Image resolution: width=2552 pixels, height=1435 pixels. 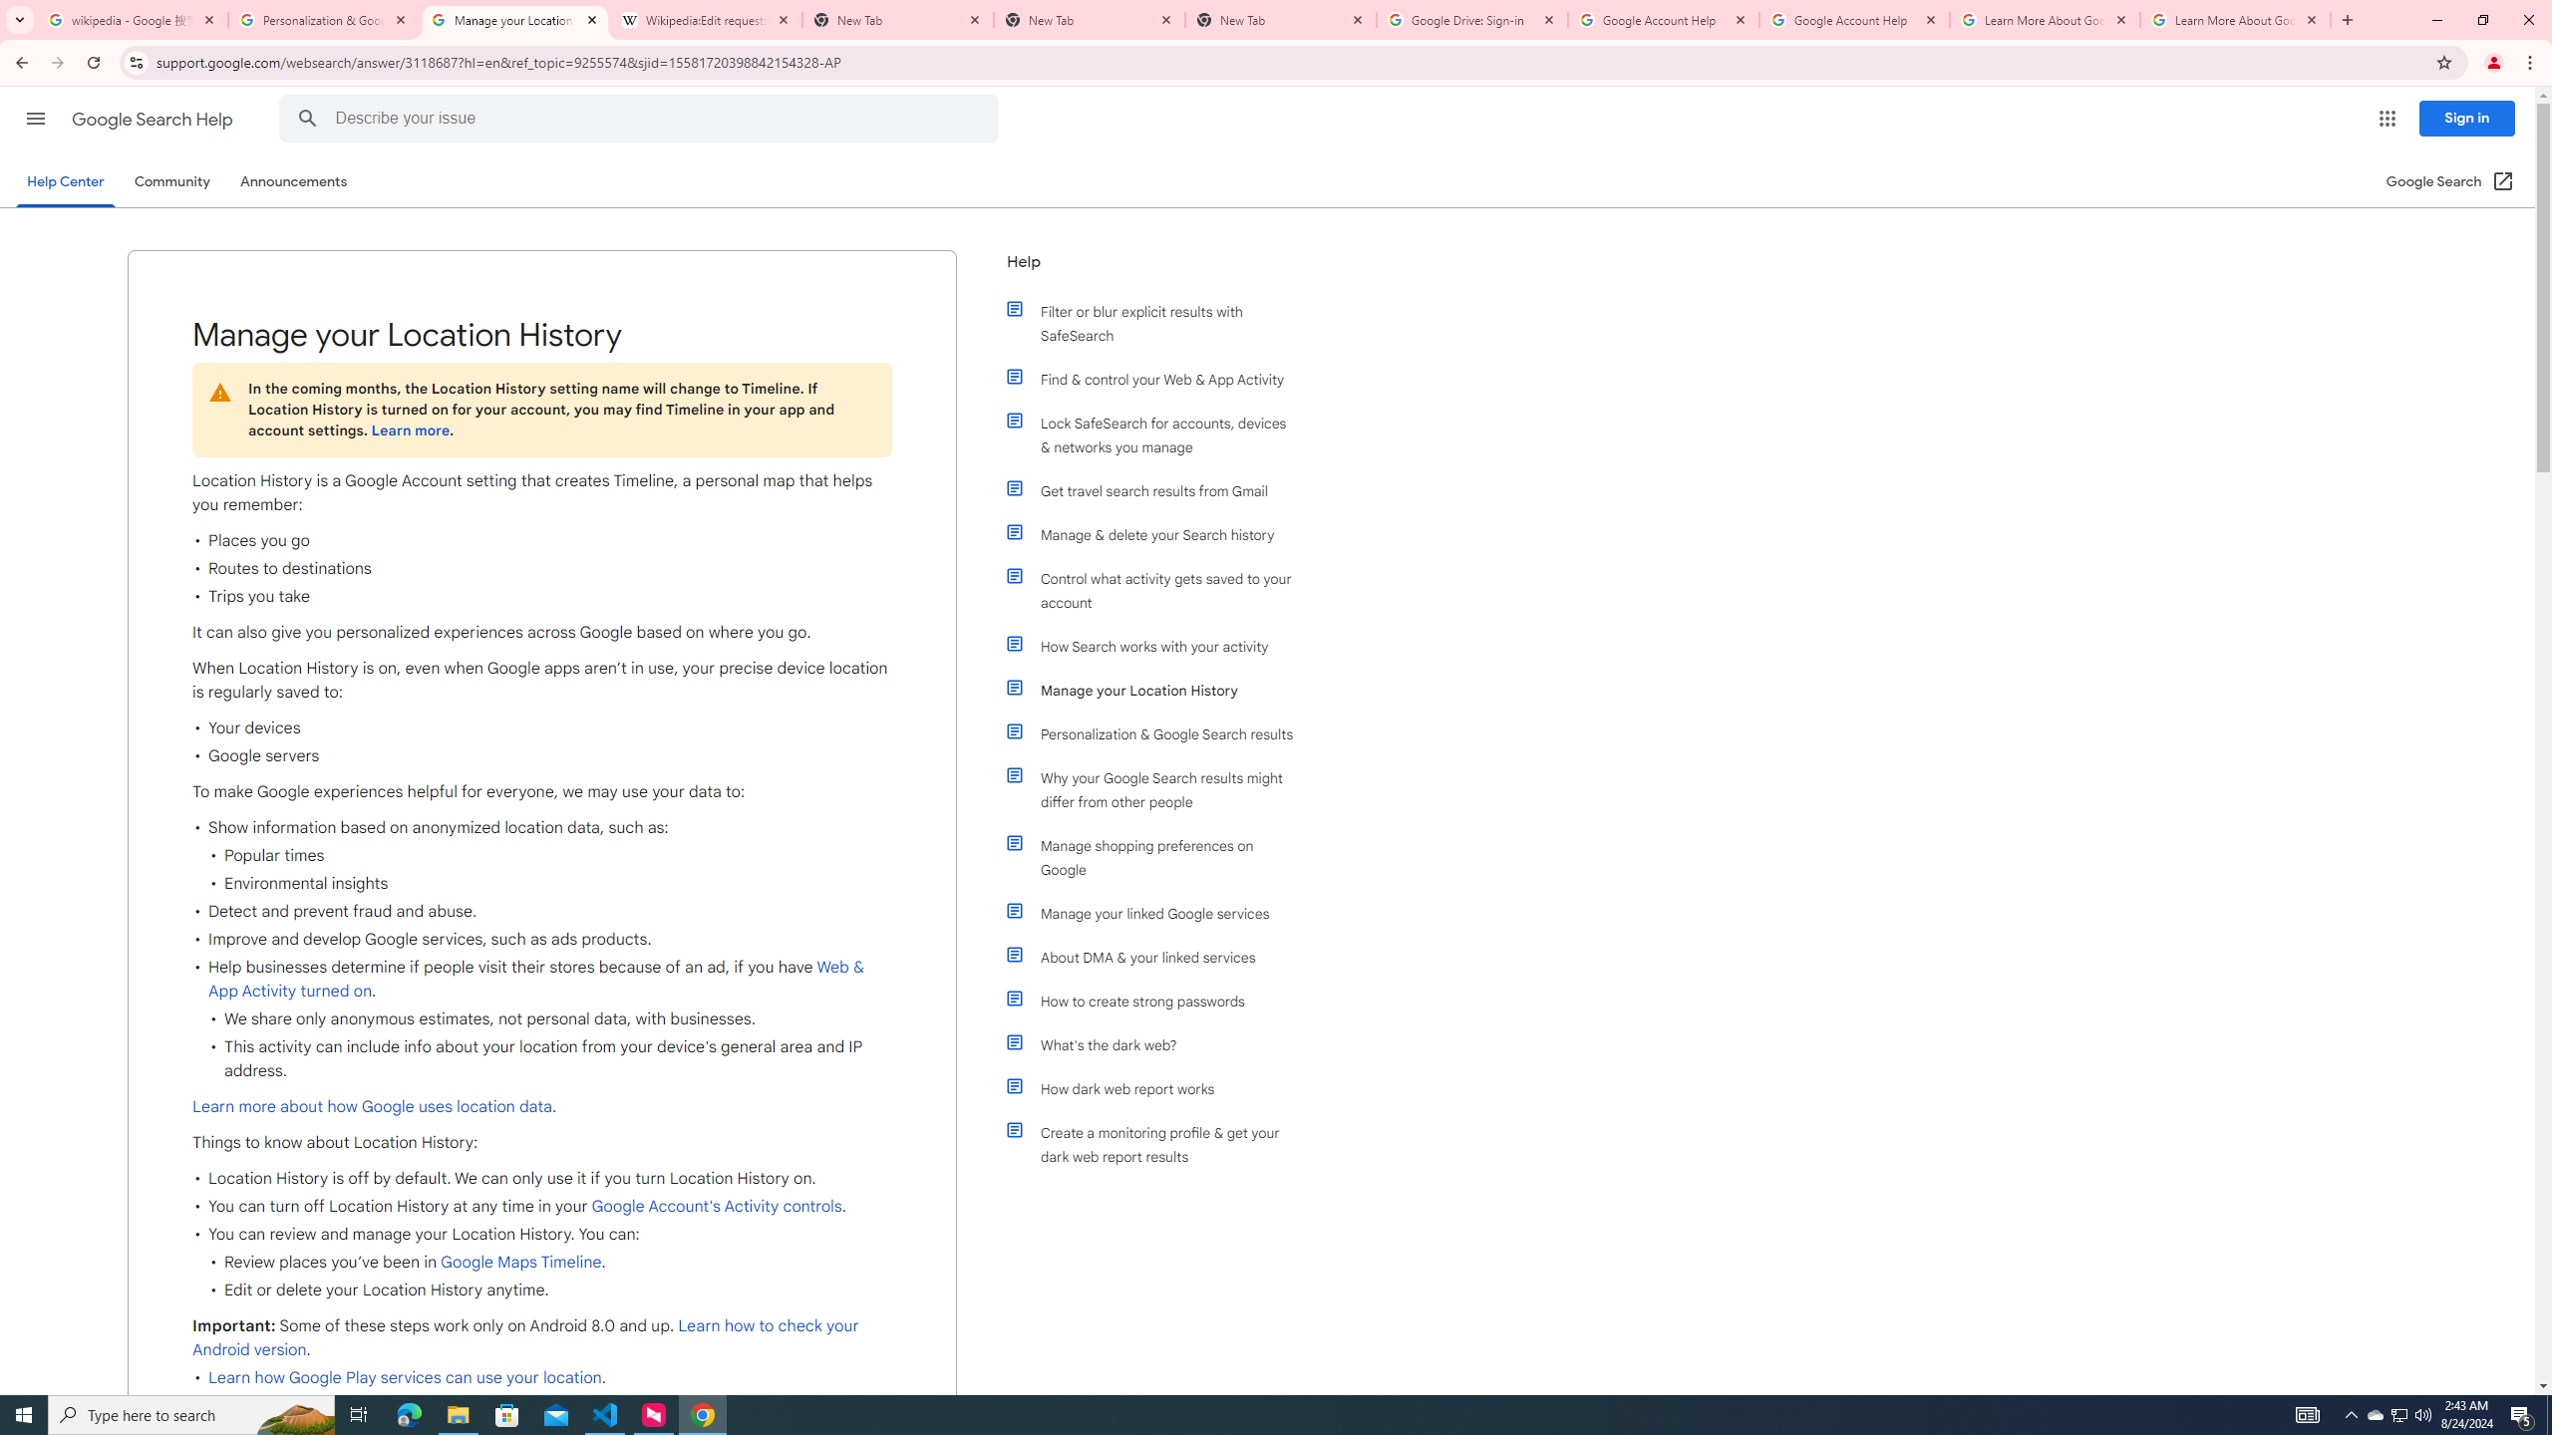 I want to click on 'Learn how Google Play services can use your location', so click(x=406, y=1377).